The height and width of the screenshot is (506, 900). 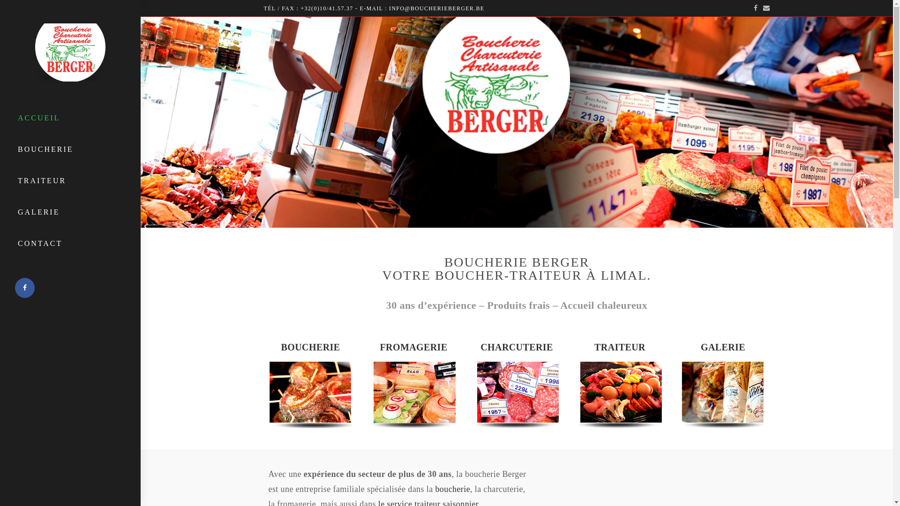 What do you see at coordinates (765, 8) in the screenshot?
I see `'E-mail'` at bounding box center [765, 8].